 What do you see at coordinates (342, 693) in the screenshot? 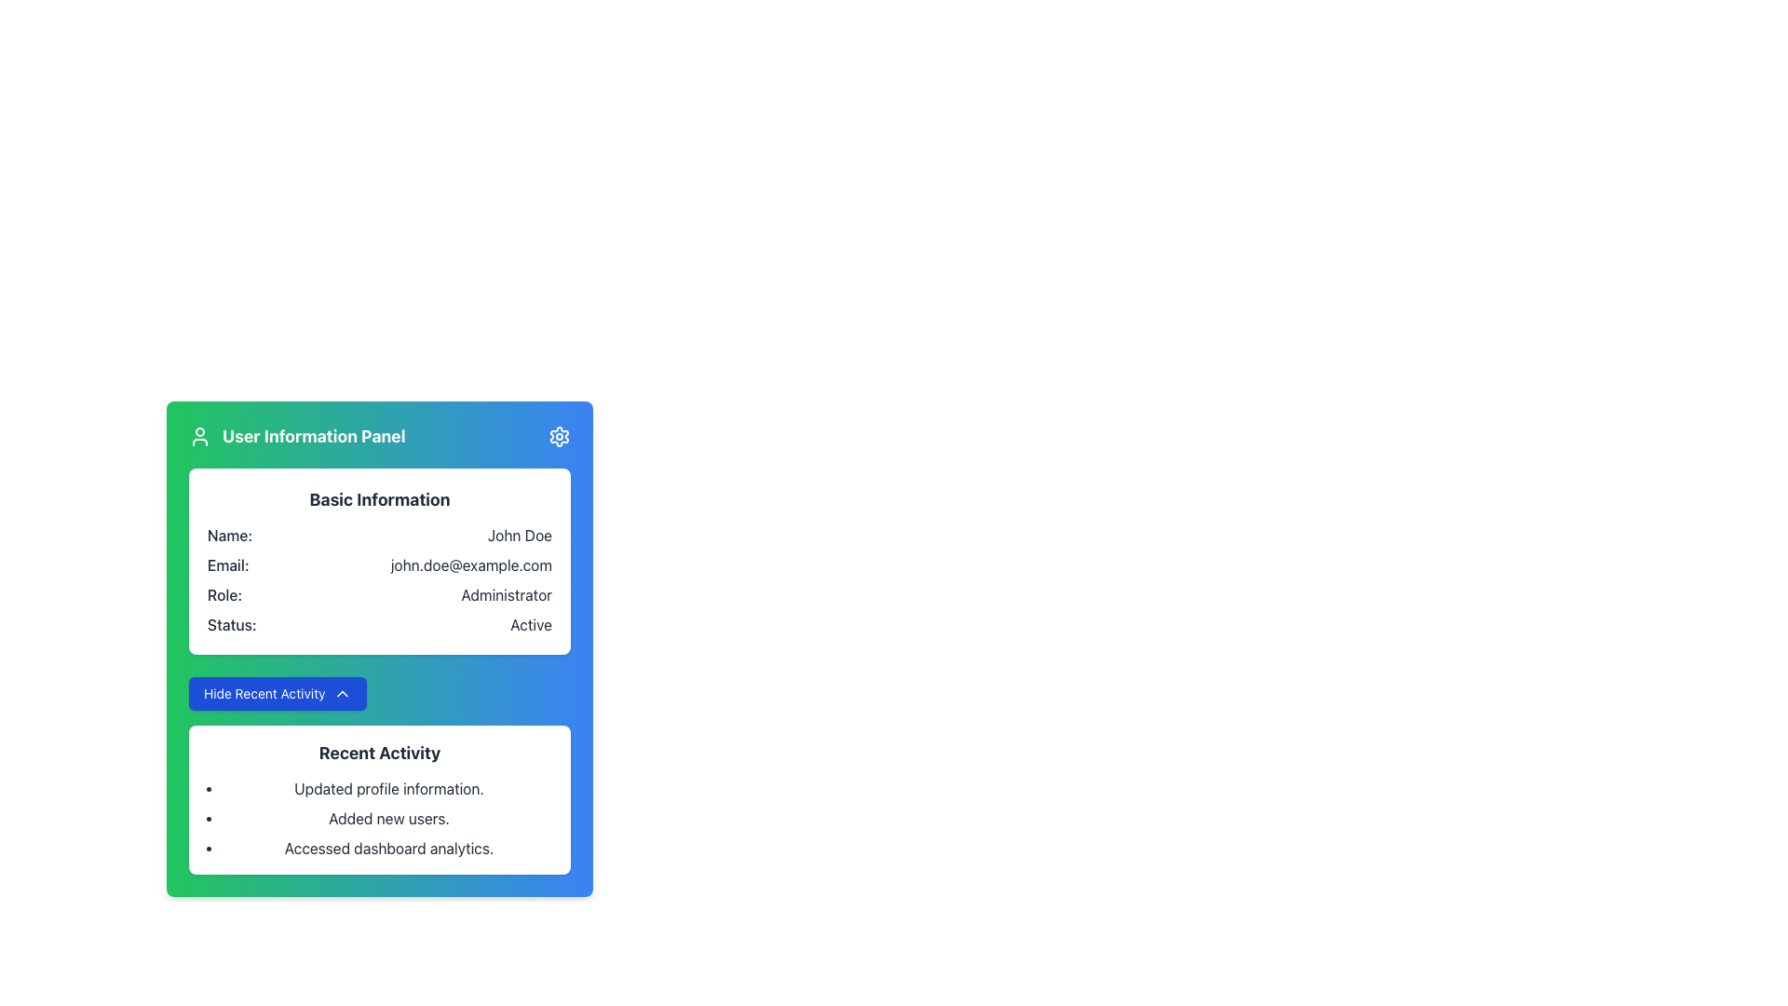
I see `the upward-facing chevron icon within the 'Hide Recent Activity' button` at bounding box center [342, 693].